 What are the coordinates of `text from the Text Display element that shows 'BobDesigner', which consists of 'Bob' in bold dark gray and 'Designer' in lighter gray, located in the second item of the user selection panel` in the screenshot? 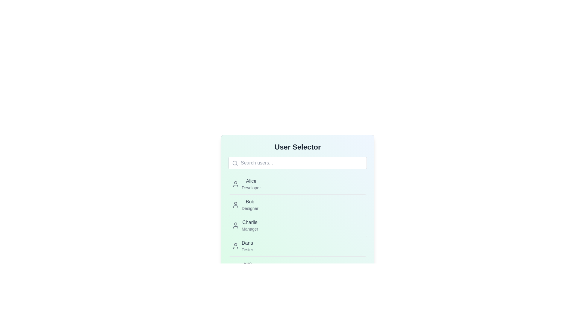 It's located at (250, 205).